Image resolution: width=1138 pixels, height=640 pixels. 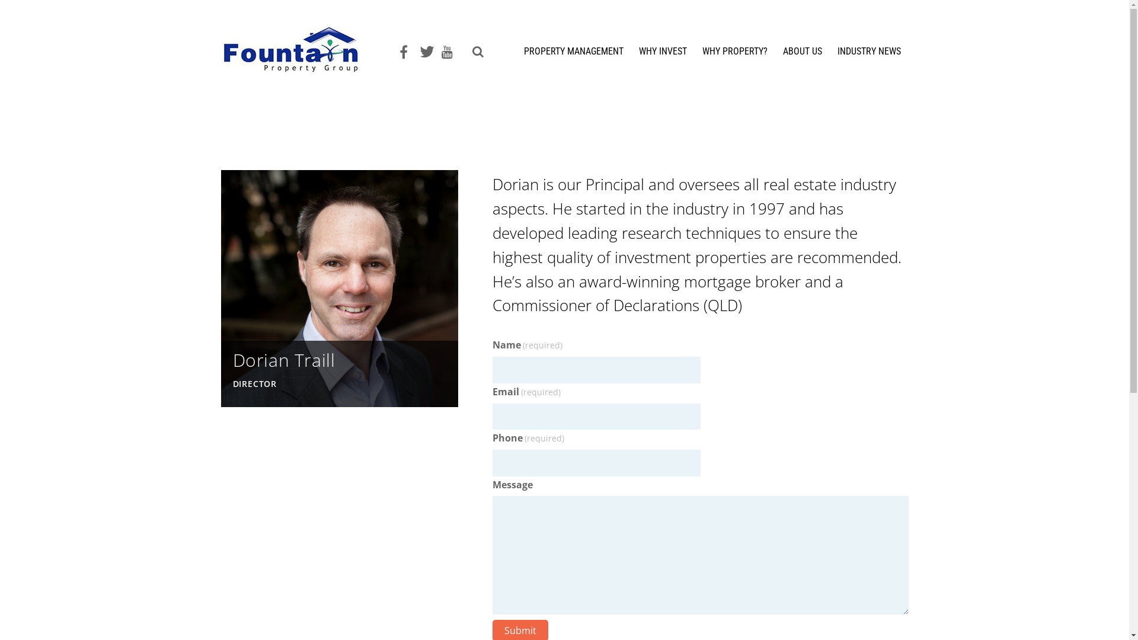 I want to click on 'PROPERTY MANAGEMENT', so click(x=517, y=56).